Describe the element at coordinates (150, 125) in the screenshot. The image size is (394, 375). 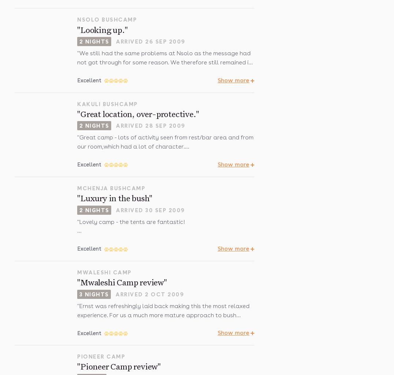
I see `'Arrived
					28 Sep 2009'` at that location.